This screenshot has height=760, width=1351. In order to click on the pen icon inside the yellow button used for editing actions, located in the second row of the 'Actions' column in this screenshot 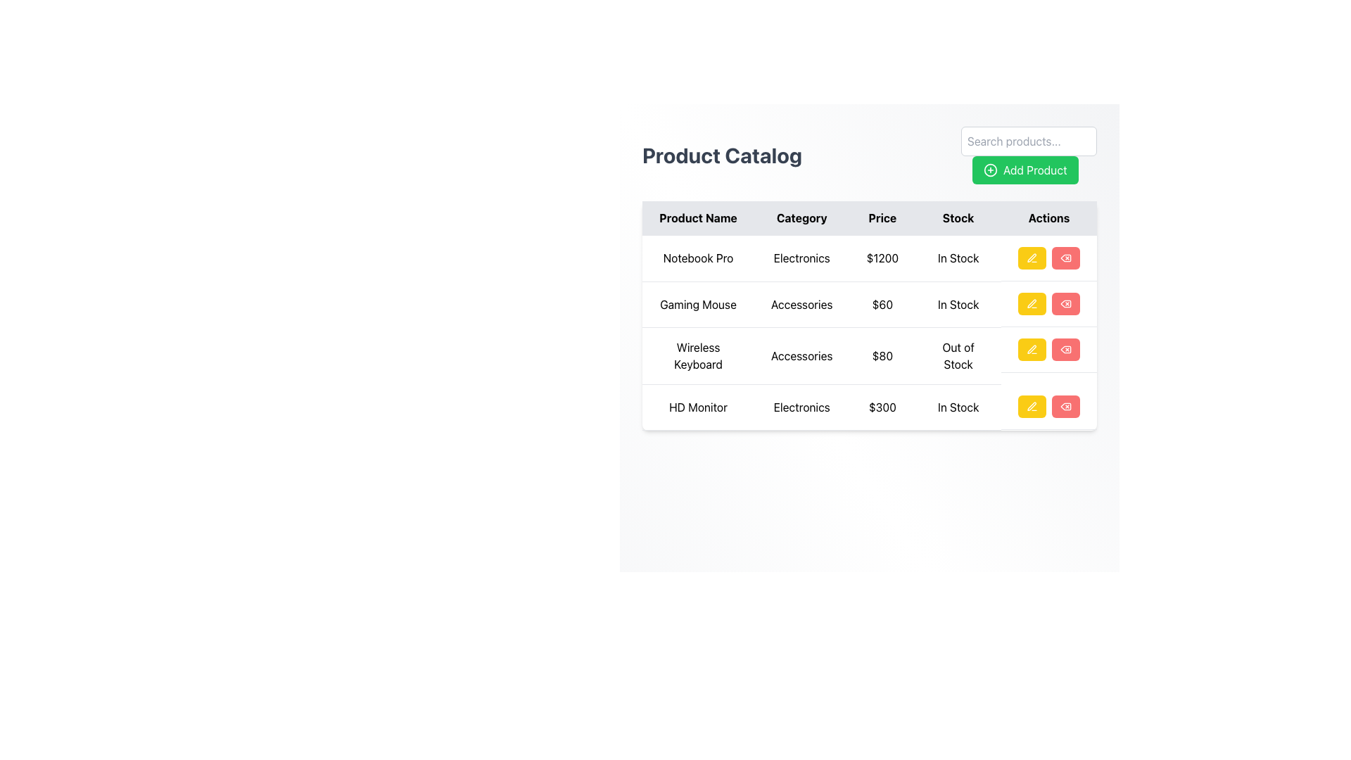, I will do `click(1032, 303)`.